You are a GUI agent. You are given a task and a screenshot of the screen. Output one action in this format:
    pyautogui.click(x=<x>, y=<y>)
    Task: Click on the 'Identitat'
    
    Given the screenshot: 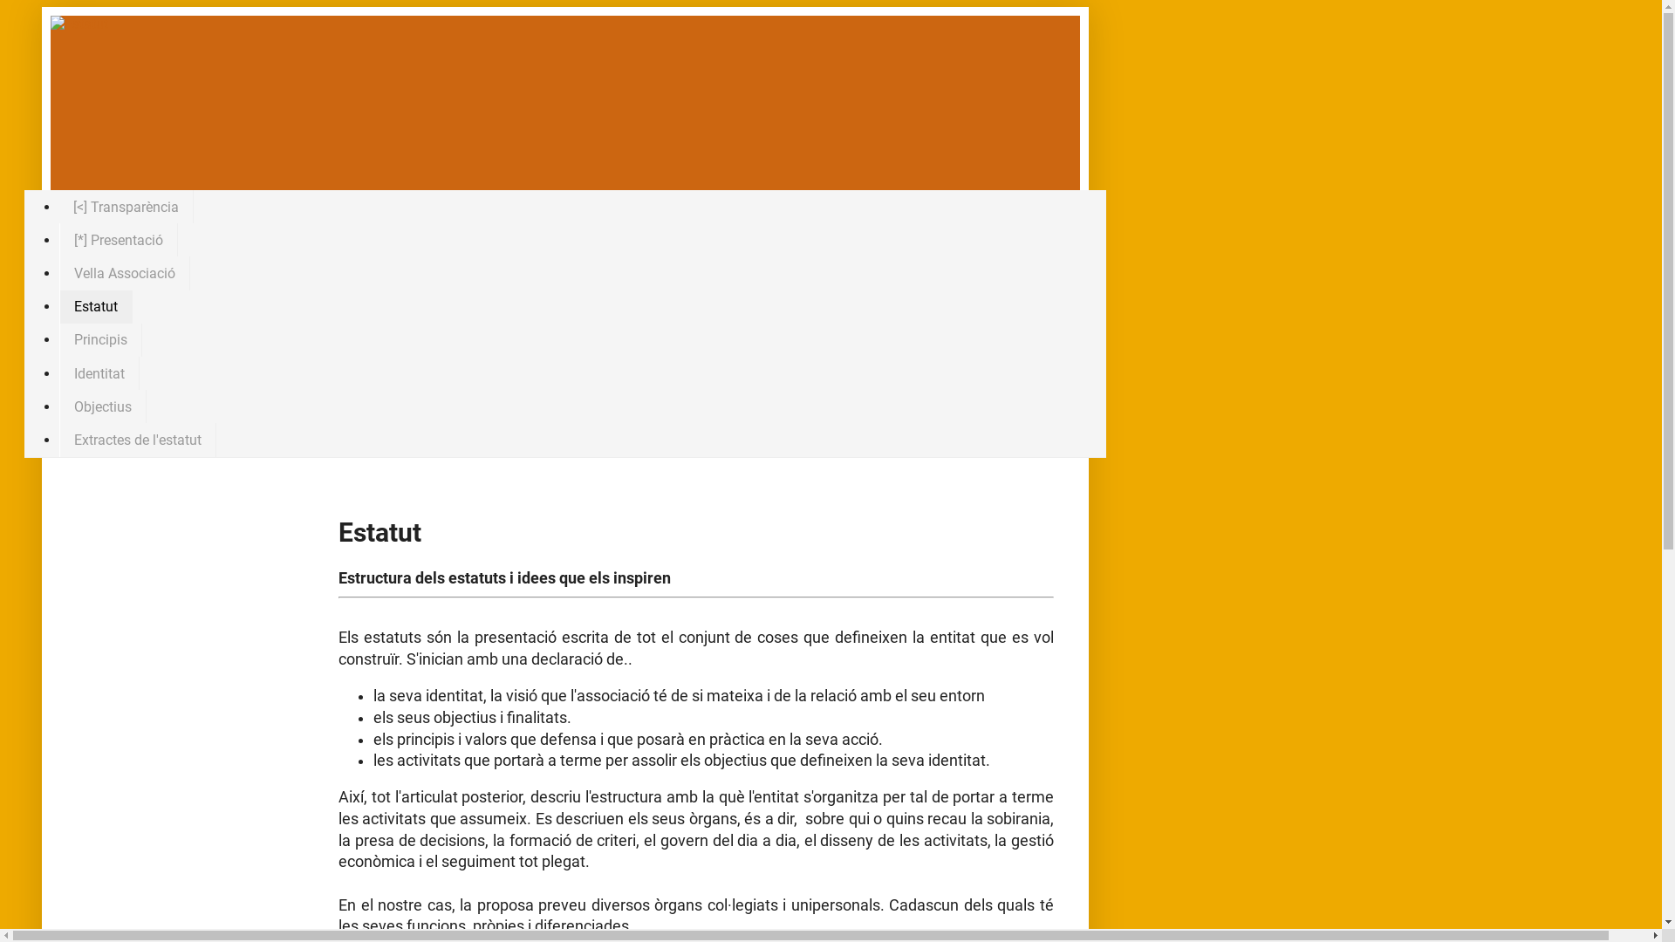 What is the action you would take?
    pyautogui.click(x=99, y=372)
    